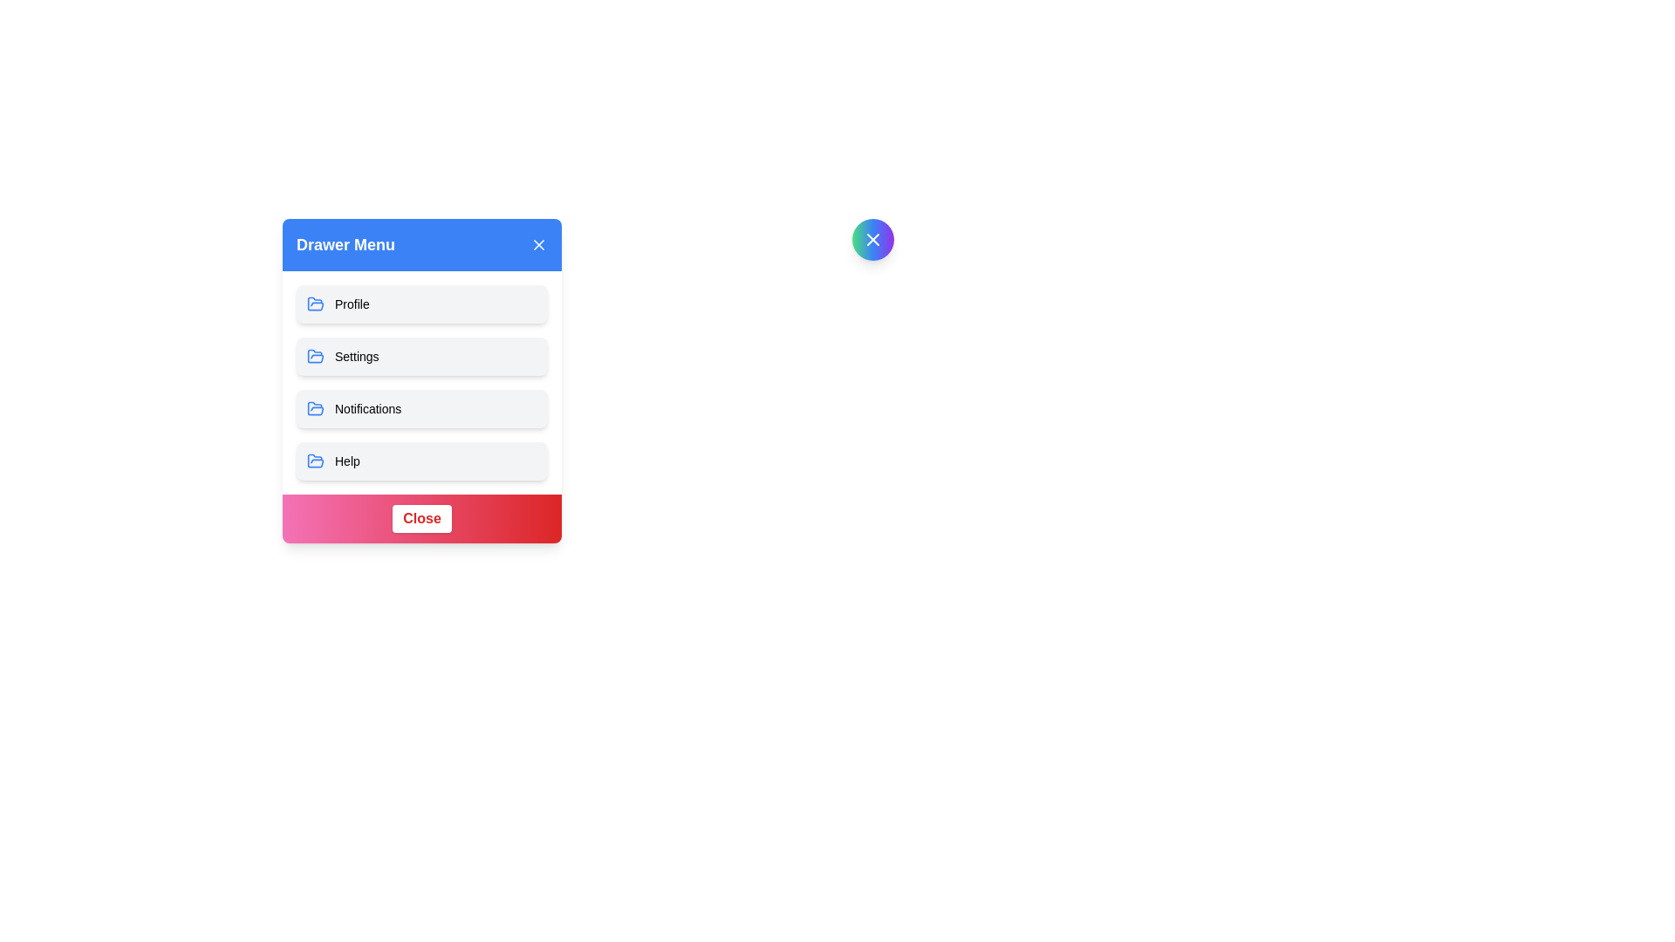 The width and height of the screenshot is (1675, 942). Describe the element at coordinates (345, 245) in the screenshot. I see `the static text label that serves as the title for the drawer menu, located in the top-left portion of the blue header section` at that location.